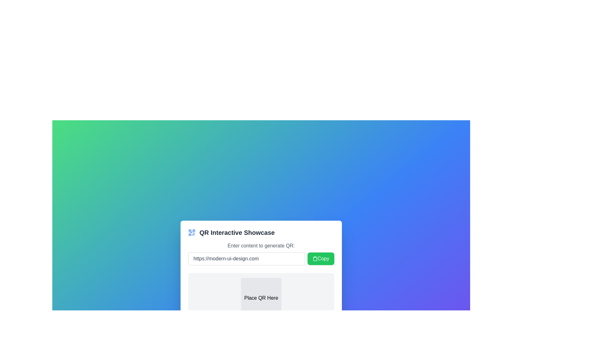  Describe the element at coordinates (192, 233) in the screenshot. I see `the QR code icon located at the leftmost side of the header section titled 'QR Interactive Showcase', which features a modern blue-colored design with distinctive patterns` at that location.